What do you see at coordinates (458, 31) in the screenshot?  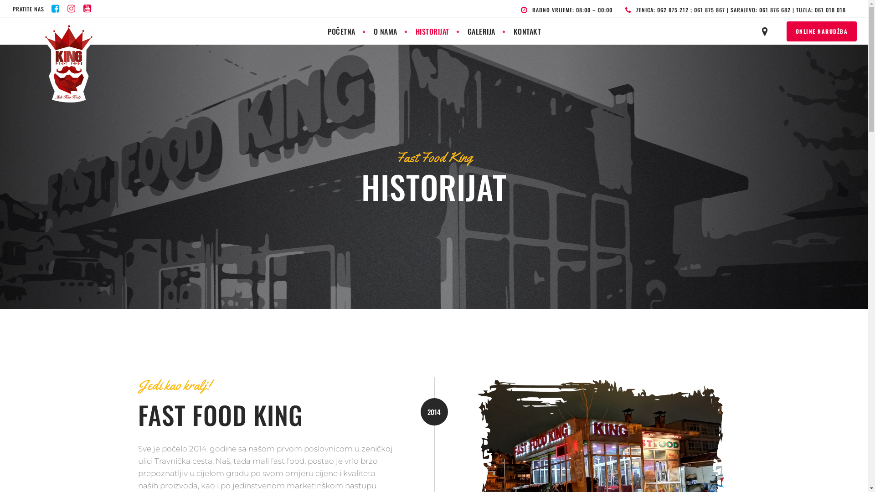 I see `'GALERIJA'` at bounding box center [458, 31].